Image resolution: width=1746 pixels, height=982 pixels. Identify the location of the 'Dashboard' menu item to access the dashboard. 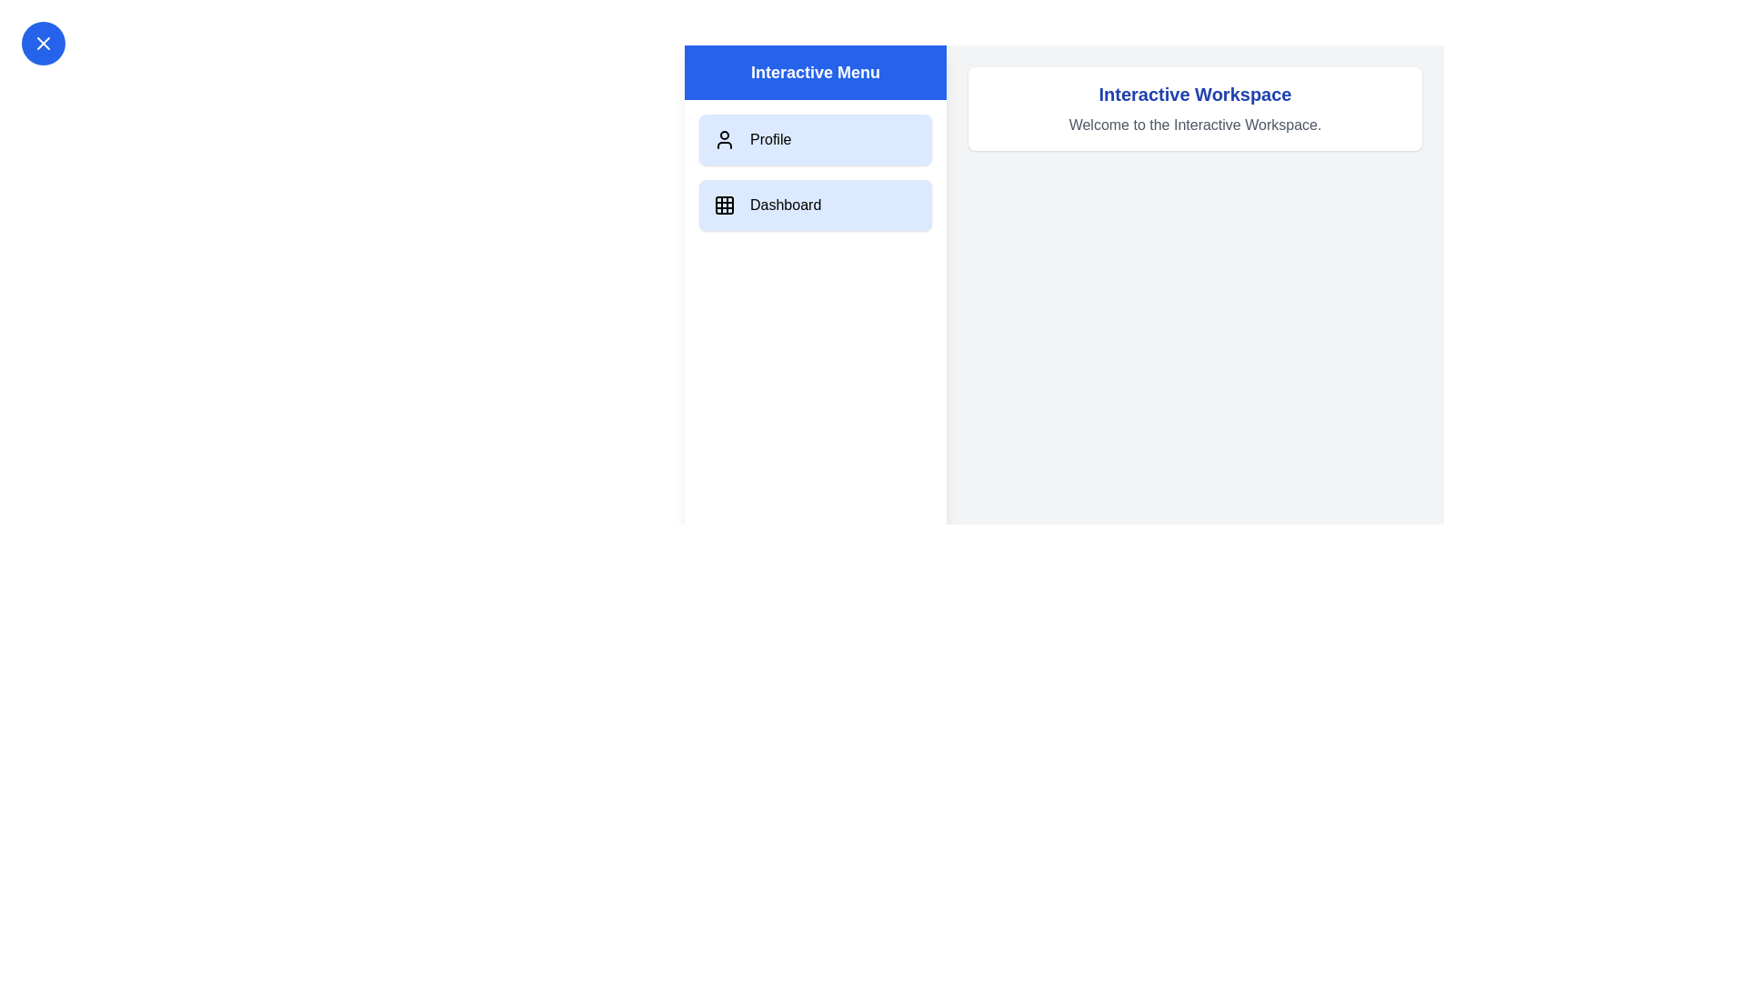
(815, 205).